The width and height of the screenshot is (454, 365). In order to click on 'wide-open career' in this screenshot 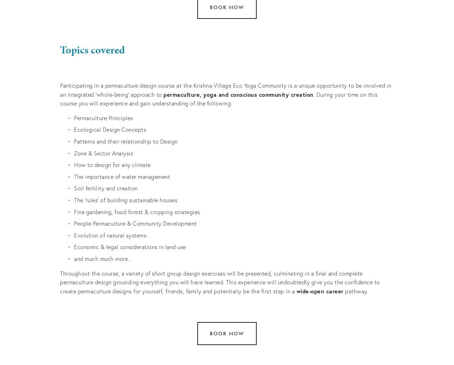, I will do `click(319, 290)`.